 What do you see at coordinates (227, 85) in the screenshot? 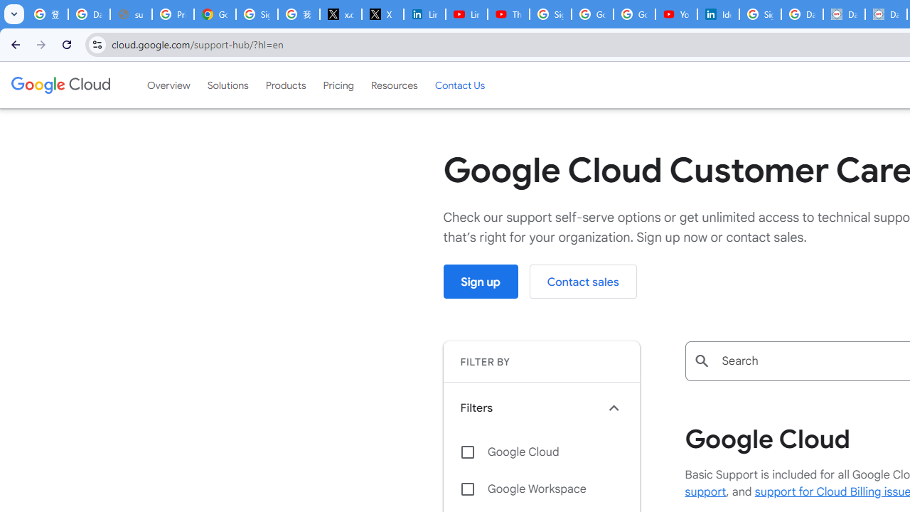
I see `'Solutions'` at bounding box center [227, 85].